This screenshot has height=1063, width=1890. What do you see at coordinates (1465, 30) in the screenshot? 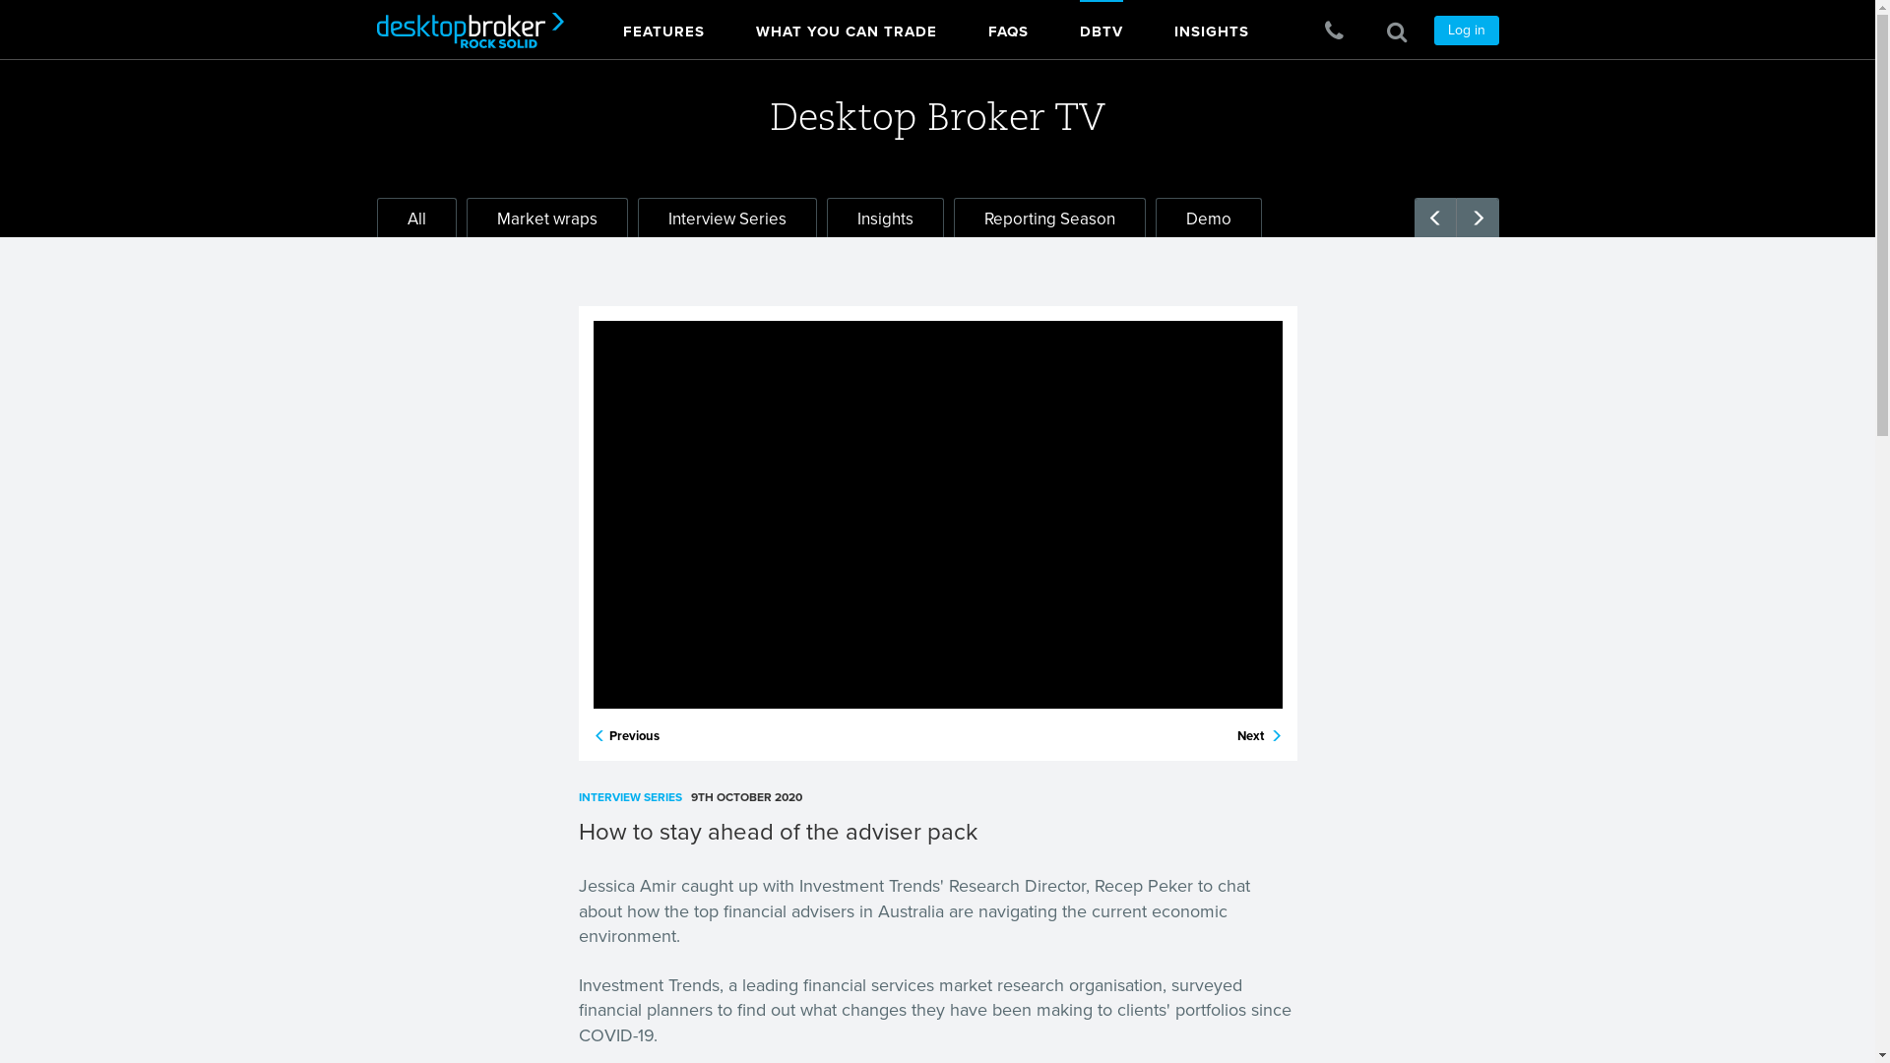
I see `'Log in'` at bounding box center [1465, 30].